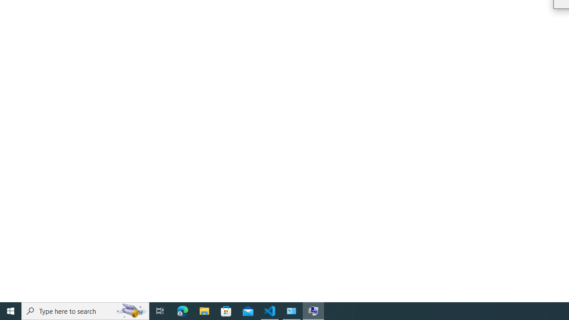  Describe the element at coordinates (204, 310) in the screenshot. I see `'File Explorer'` at that location.